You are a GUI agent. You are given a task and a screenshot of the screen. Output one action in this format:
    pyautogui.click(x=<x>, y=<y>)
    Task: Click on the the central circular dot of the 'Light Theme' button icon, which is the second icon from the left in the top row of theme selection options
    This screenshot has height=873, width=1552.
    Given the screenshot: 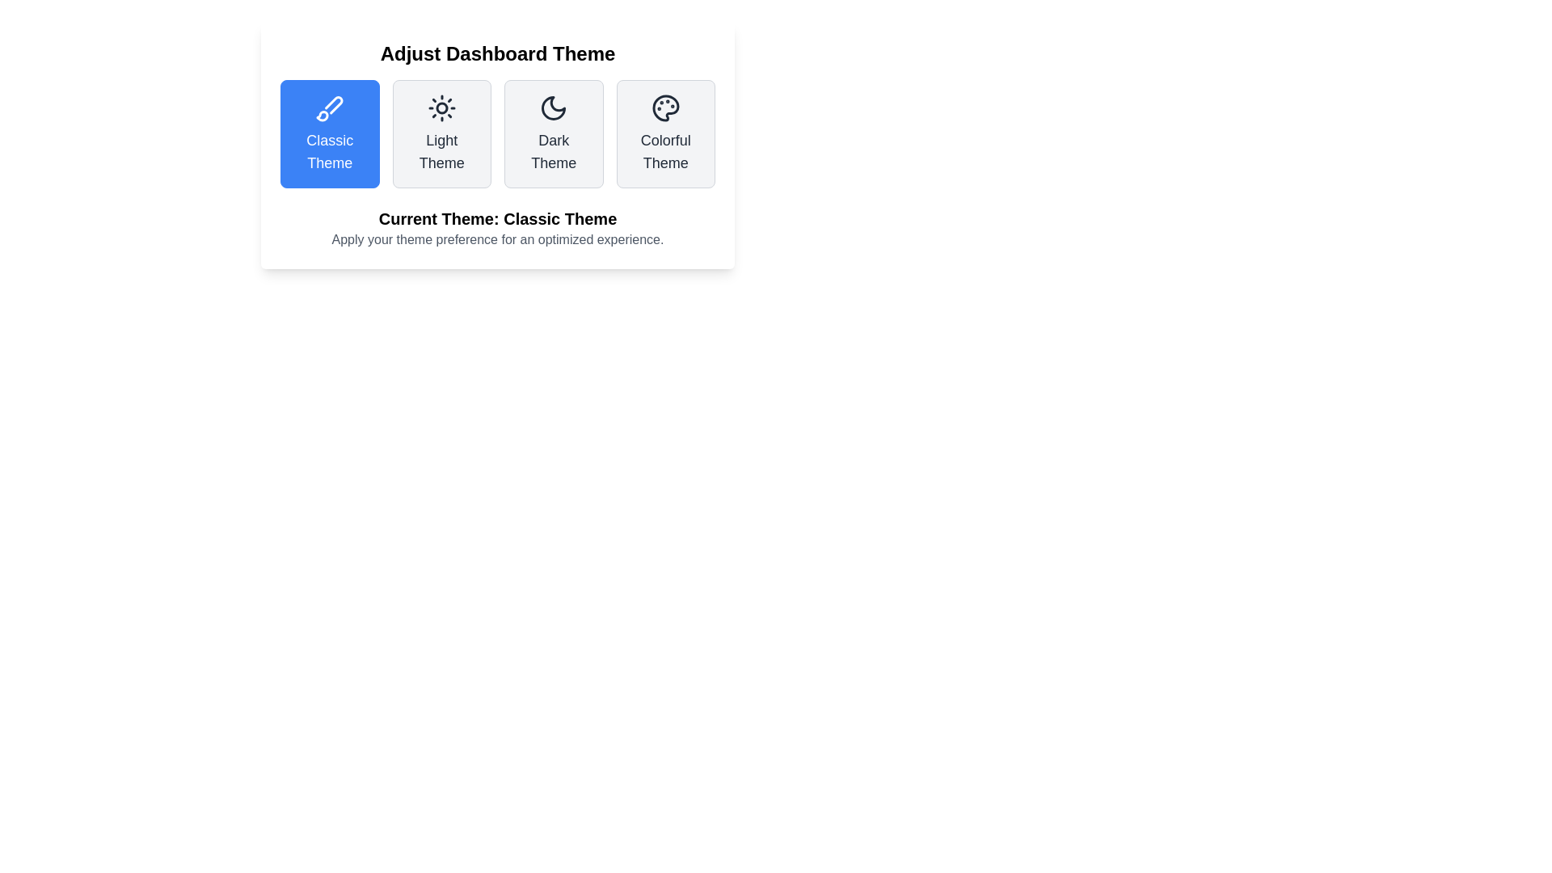 What is the action you would take?
    pyautogui.click(x=441, y=108)
    